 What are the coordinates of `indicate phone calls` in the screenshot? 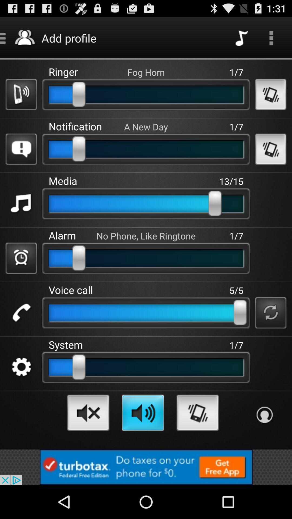 It's located at (21, 313).